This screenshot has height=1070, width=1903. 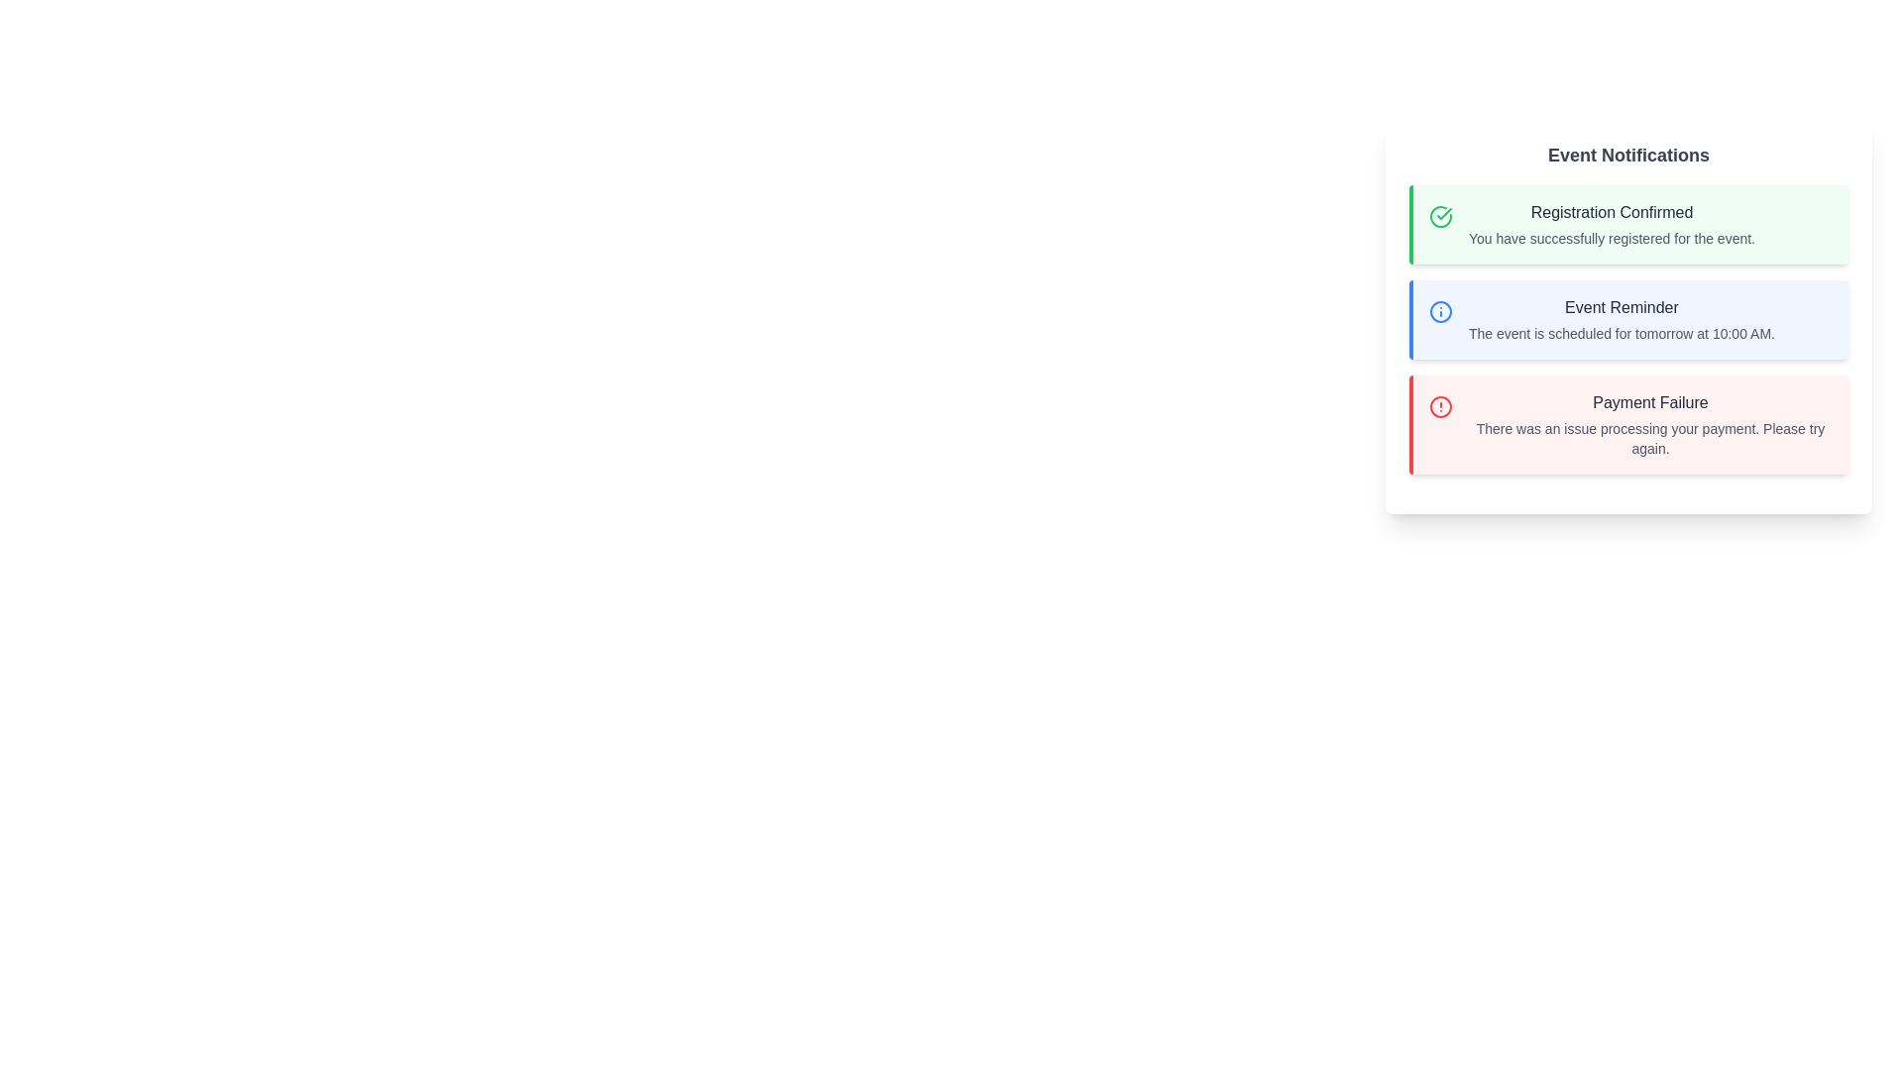 I want to click on the green-colored notification card labeled 'Registration Confirmed' in the 'Event Notifications' section, so click(x=1441, y=217).